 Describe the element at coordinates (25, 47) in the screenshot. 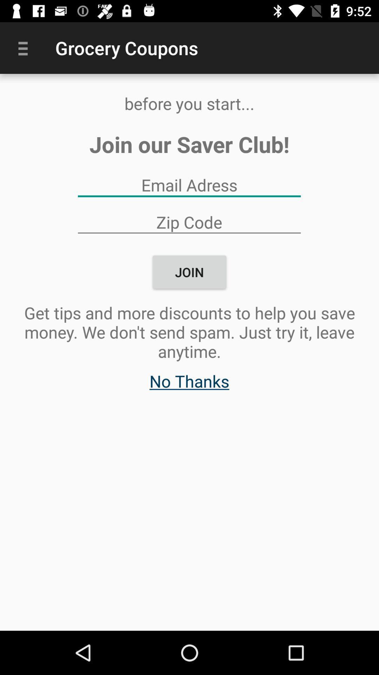

I see `the app next to the grocery coupons icon` at that location.